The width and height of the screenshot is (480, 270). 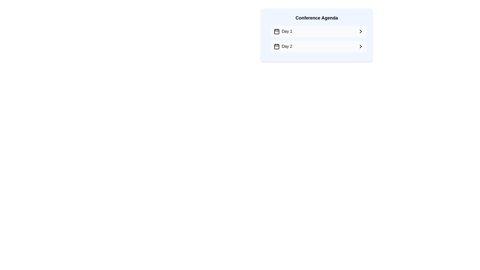 What do you see at coordinates (287, 31) in the screenshot?
I see `the text label component displaying 'Day 1', located to the right of a calendar icon in the conference agenda list` at bounding box center [287, 31].